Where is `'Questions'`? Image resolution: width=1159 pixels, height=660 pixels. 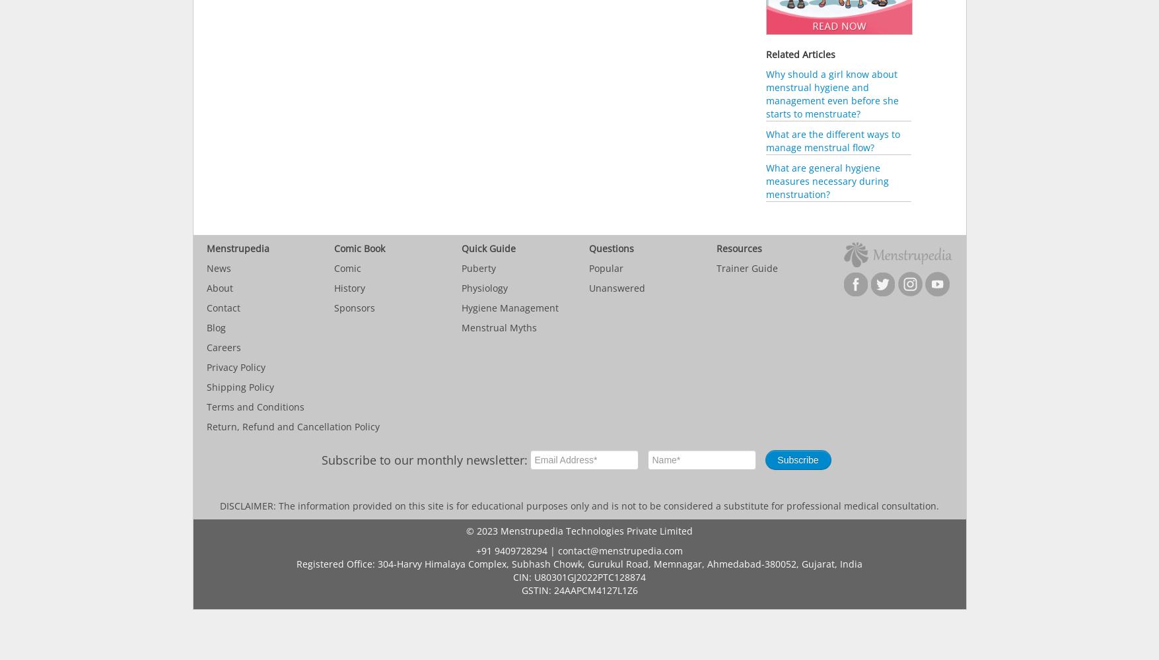 'Questions' is located at coordinates (588, 248).